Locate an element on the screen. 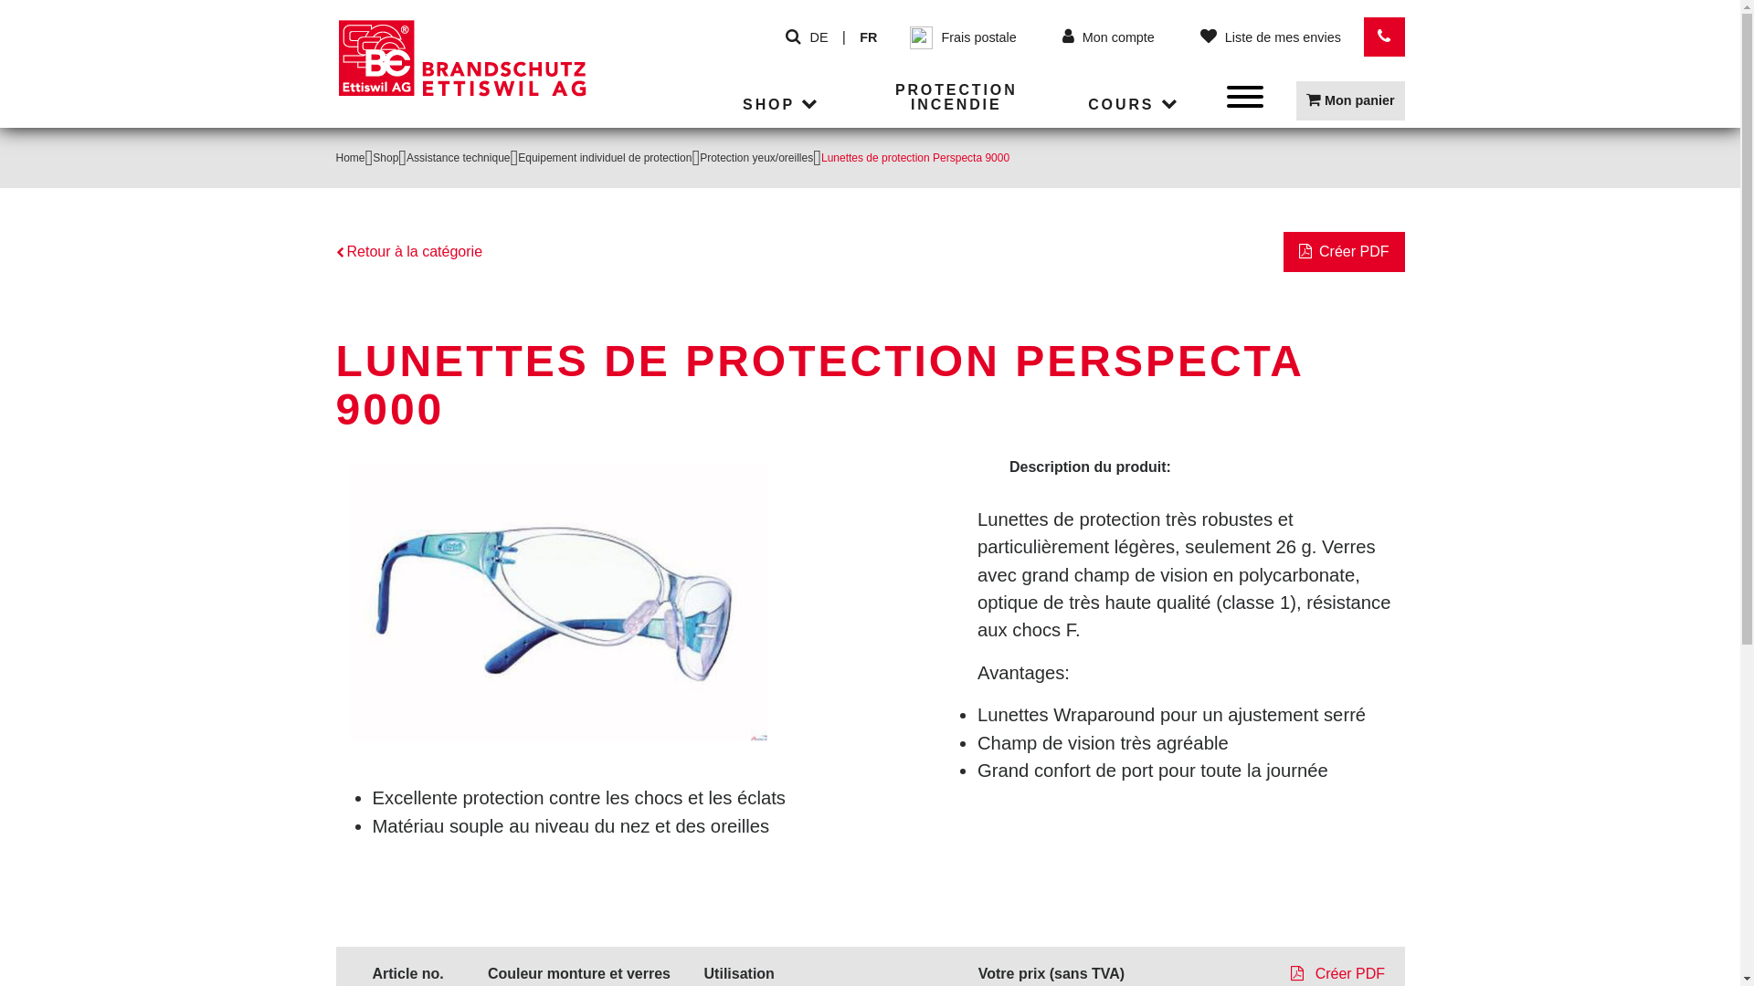  'Mon panier' is located at coordinates (1350, 100).